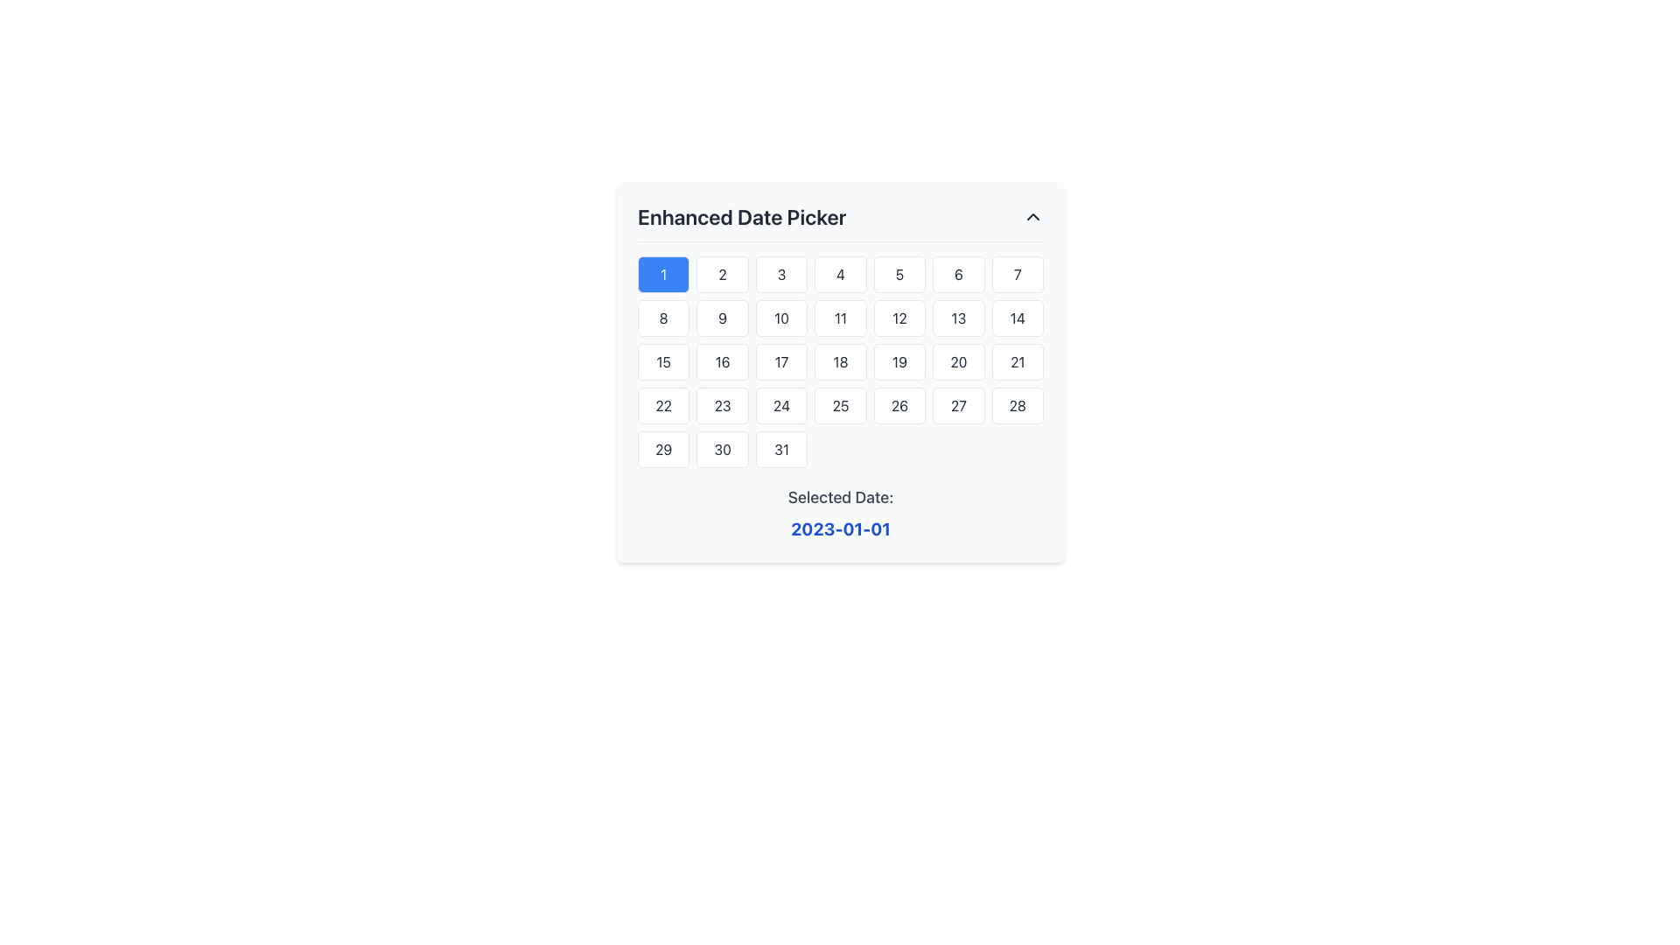  I want to click on the rounded rectangular button labeled '30' in the bottom row, second to last column of the calendar grid under 'Enhanced Date Picker', so click(723, 448).